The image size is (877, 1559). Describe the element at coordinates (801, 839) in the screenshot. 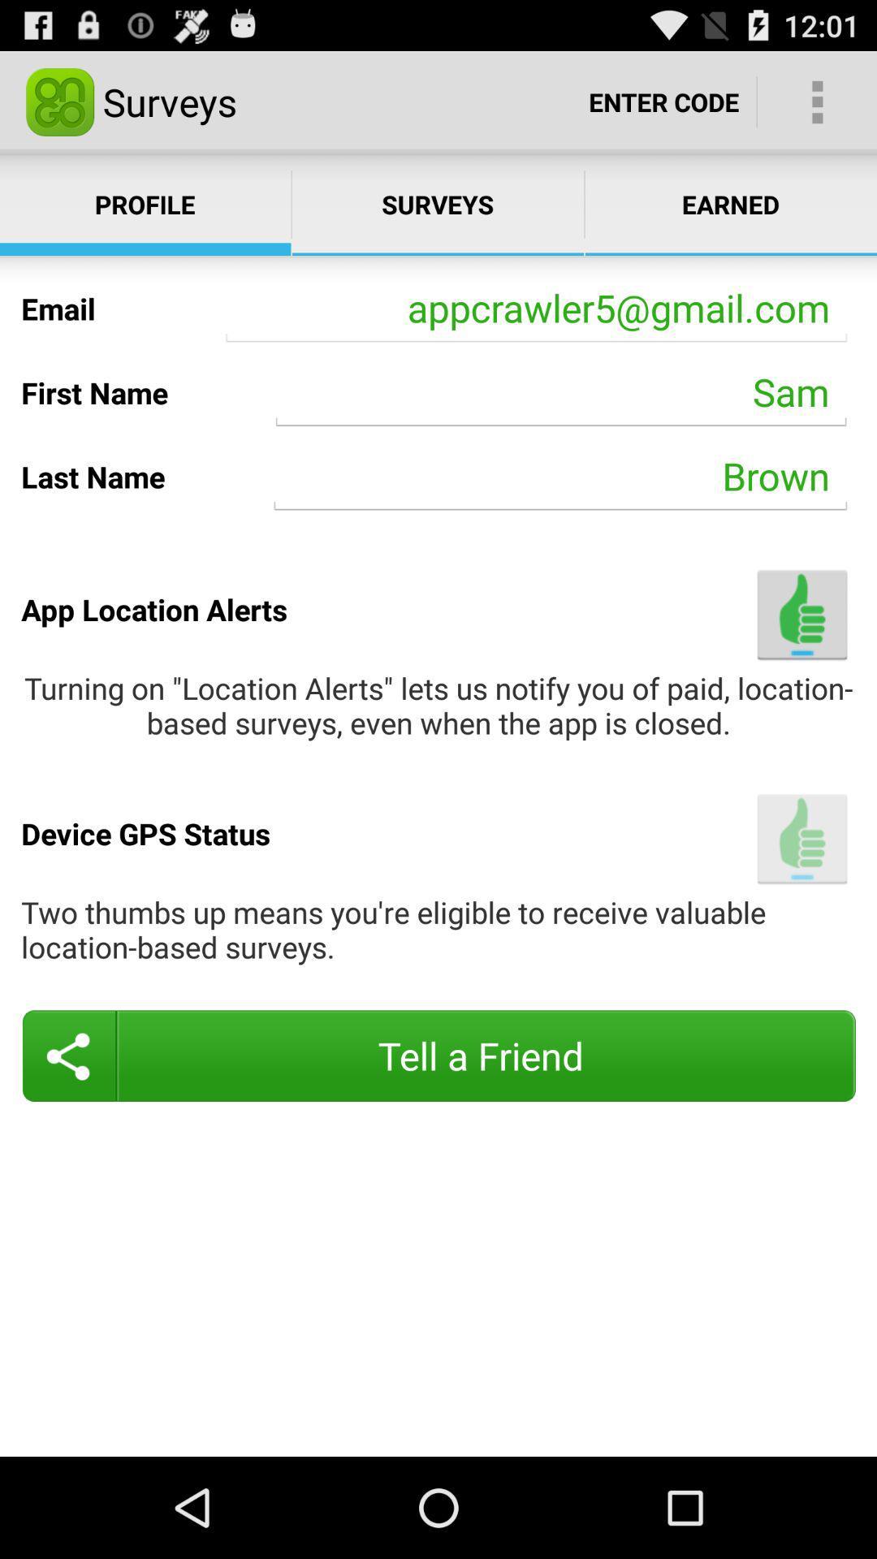

I see `item above two thumbs up` at that location.